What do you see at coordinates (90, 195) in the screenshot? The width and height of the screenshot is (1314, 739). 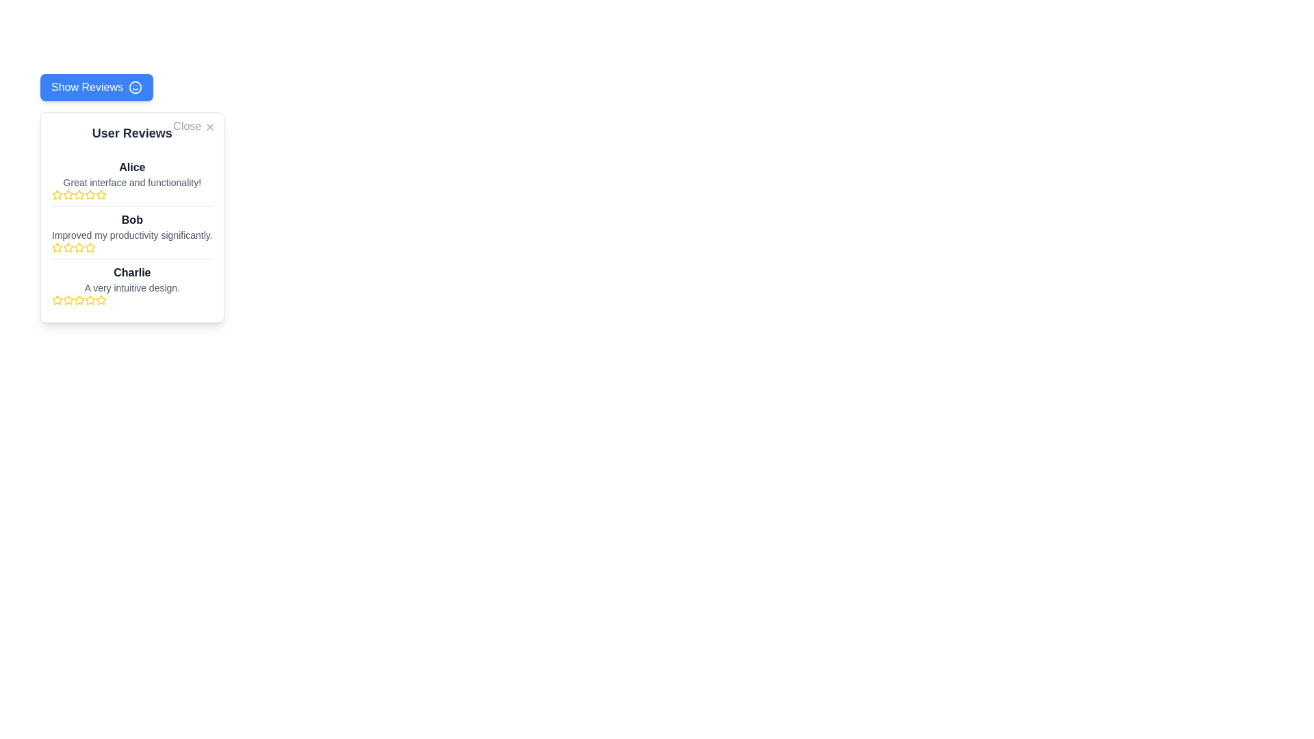 I see `the sixth star in the rating widget under the review provided by 'Alice'` at bounding box center [90, 195].